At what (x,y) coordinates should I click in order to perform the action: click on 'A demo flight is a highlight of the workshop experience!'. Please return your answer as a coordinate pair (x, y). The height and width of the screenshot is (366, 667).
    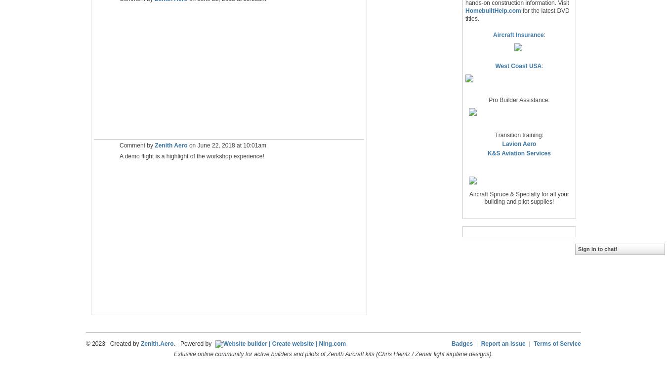
    Looking at the image, I should click on (191, 156).